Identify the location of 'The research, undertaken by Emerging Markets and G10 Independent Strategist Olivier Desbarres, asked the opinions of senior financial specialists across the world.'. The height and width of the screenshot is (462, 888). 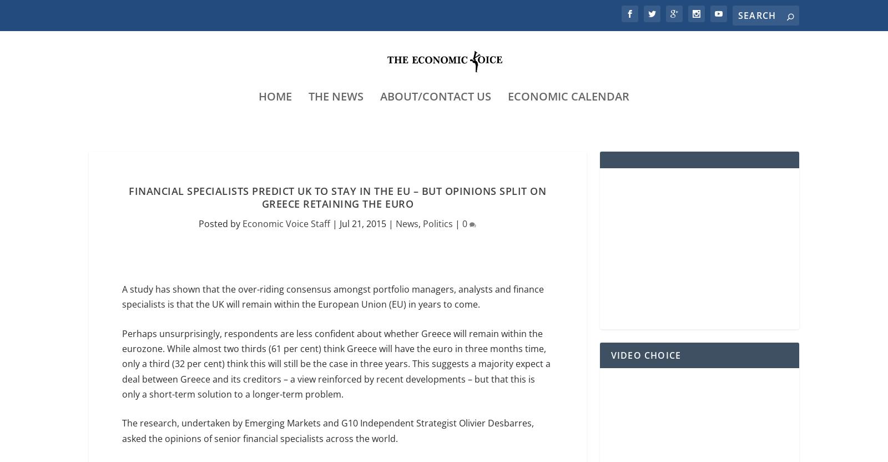
(327, 432).